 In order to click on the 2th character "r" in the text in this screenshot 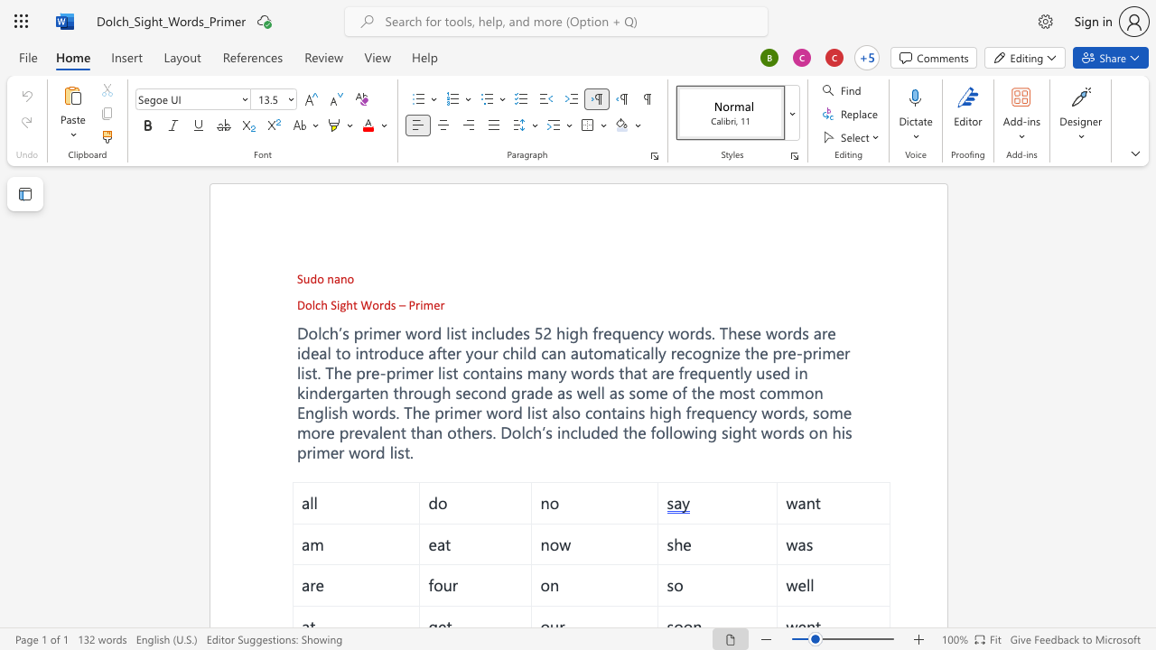, I will do `click(416, 303)`.